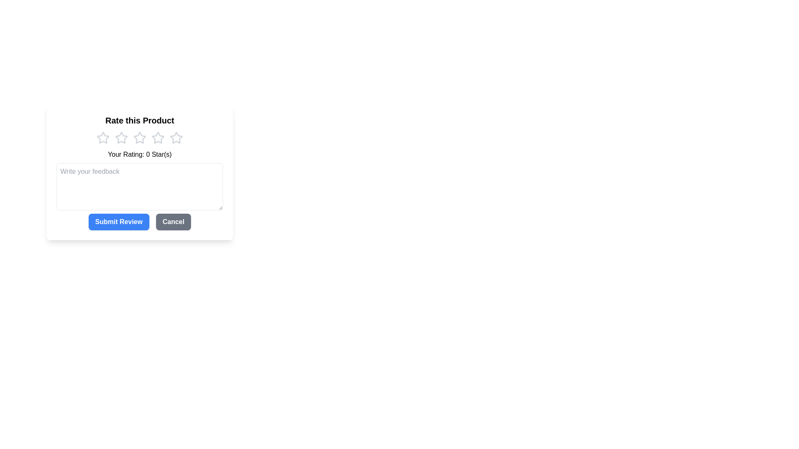 This screenshot has width=799, height=449. Describe the element at coordinates (103, 137) in the screenshot. I see `the first star in the rating system` at that location.